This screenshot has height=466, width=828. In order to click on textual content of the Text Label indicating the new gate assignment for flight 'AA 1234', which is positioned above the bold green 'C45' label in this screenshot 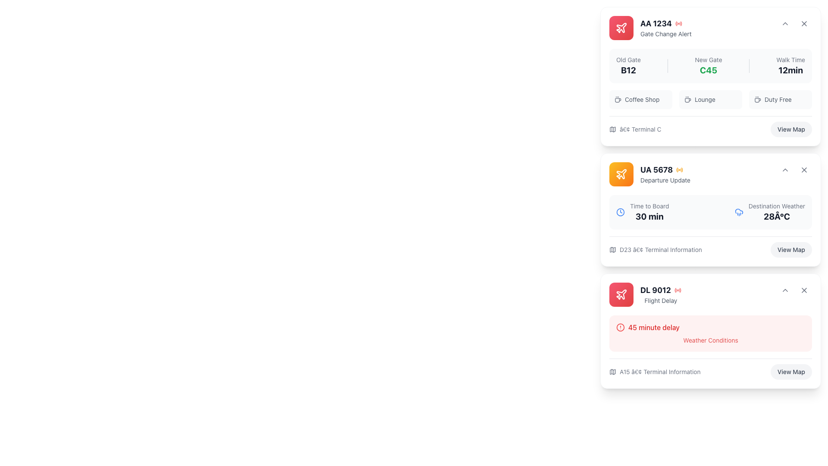, I will do `click(709, 59)`.